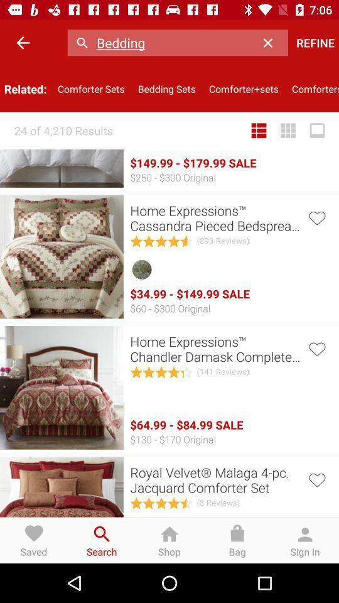 The image size is (339, 603). I want to click on or favorite, so click(316, 478).